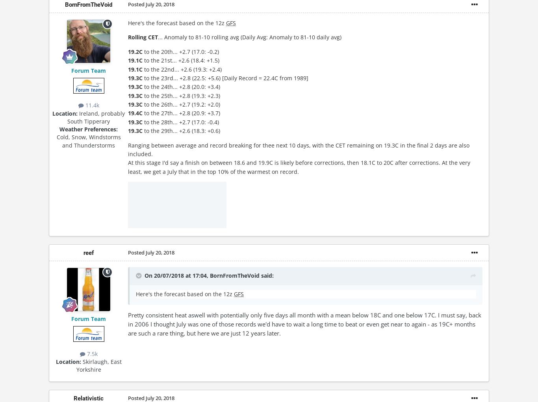 The image size is (538, 402). What do you see at coordinates (180, 121) in the screenshot?
I see `'to the 28th... +2.7 (17.0: -0.4)'` at bounding box center [180, 121].